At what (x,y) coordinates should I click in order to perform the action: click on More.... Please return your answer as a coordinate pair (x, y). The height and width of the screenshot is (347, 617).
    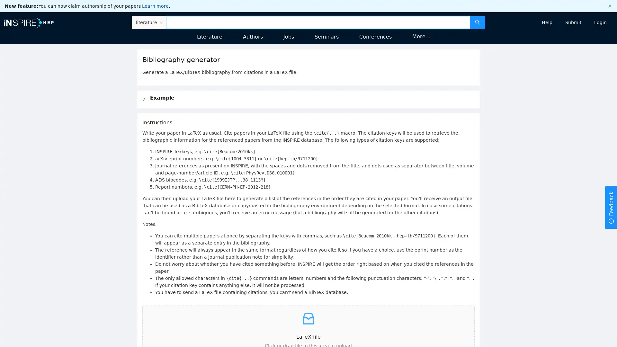
    Looking at the image, I should click on (421, 36).